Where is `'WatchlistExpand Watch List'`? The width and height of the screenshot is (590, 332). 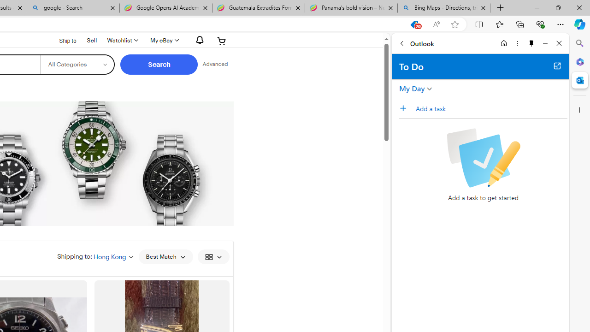
'WatchlistExpand Watch List' is located at coordinates (121, 40).